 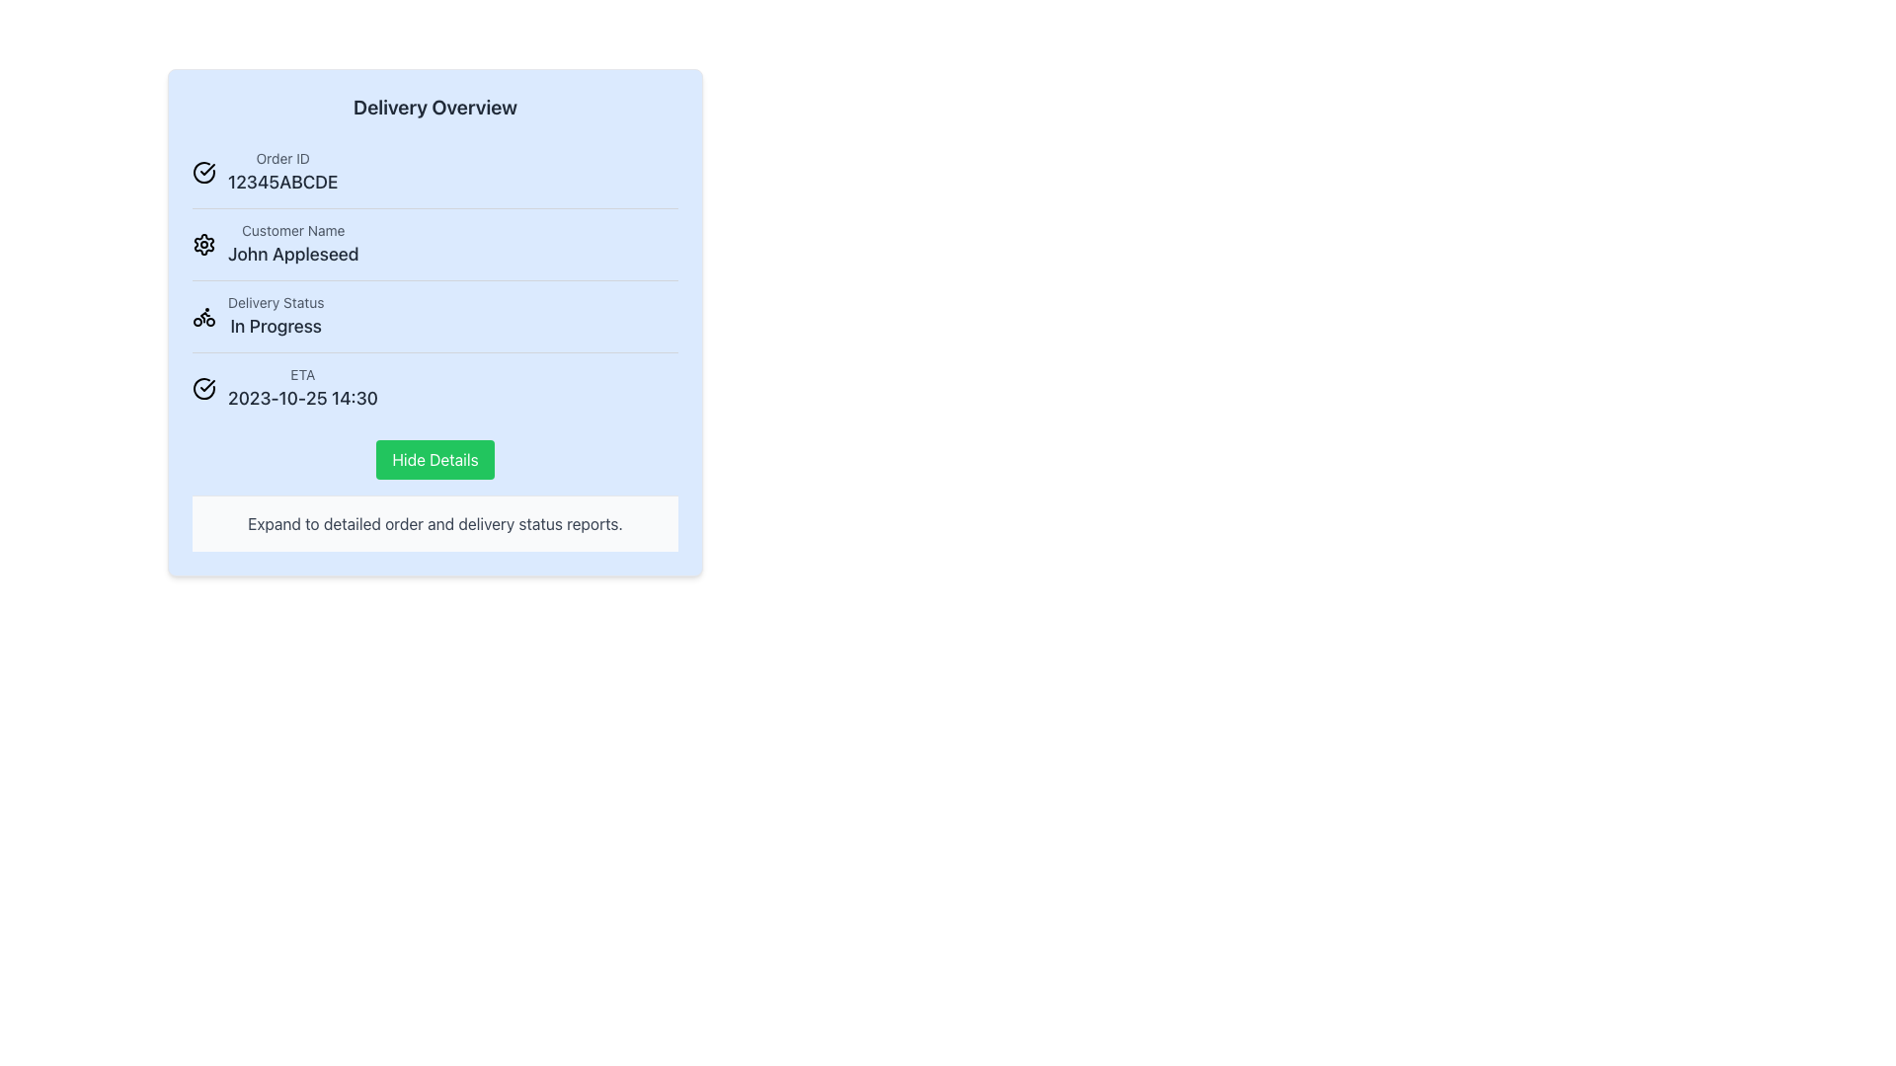 I want to click on the delivery status icon located in the third section of the vertical list within the 'Delivery Overview' card, preceding the text 'Delivery Status' and 'In Progress', so click(x=203, y=315).